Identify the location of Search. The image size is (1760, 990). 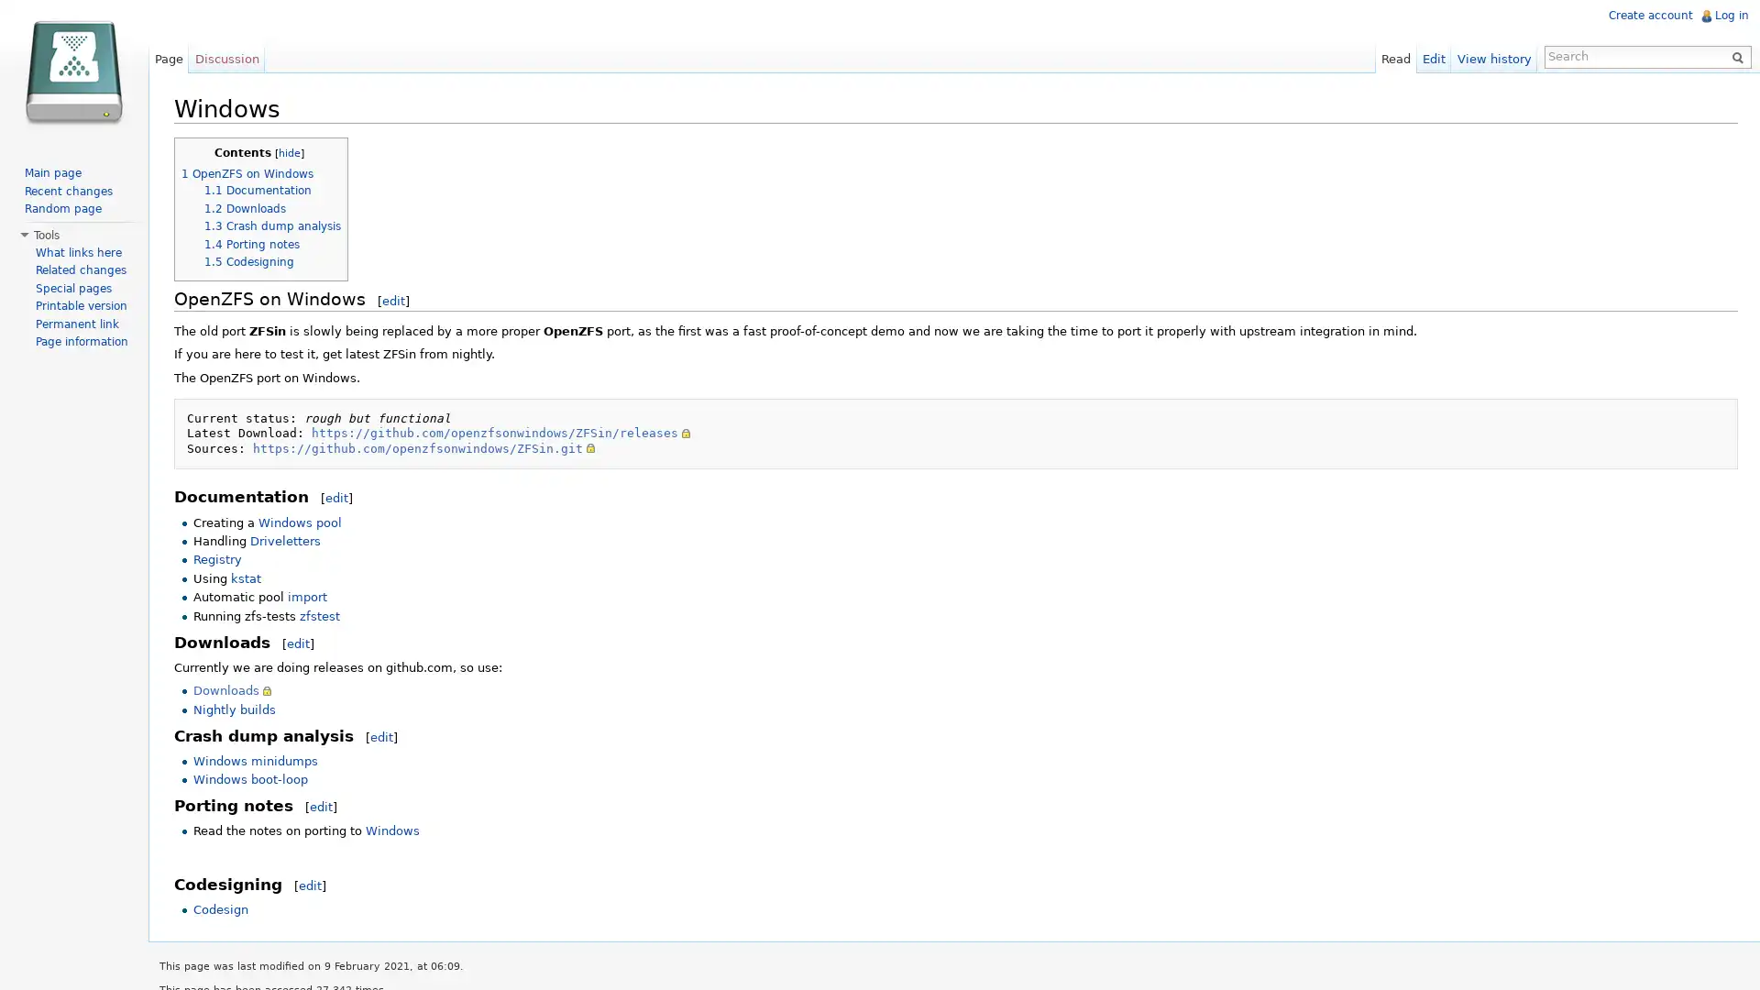
(1732, 55).